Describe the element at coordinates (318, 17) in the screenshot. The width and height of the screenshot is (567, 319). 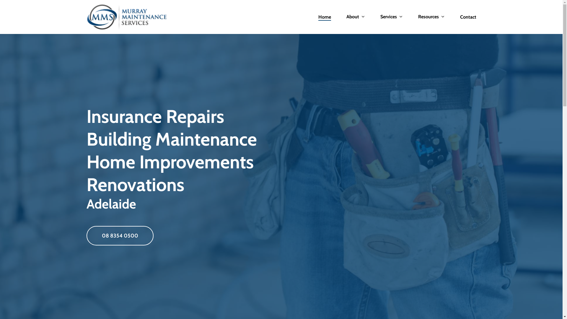
I see `'Home'` at that location.